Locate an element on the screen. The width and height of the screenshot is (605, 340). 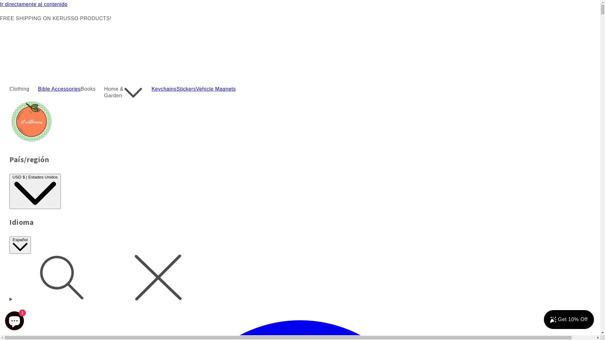
'Keychains' is located at coordinates (151, 89).